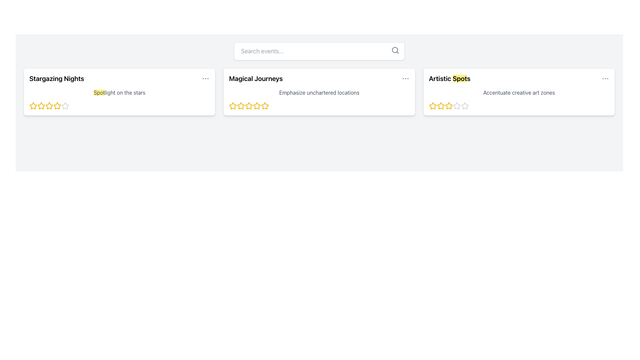  Describe the element at coordinates (464, 105) in the screenshot. I see `the fifth star icon in the 5-star rating system on the 'Artistic Spots' card located on the far right among three horizontally displayed cards` at that location.